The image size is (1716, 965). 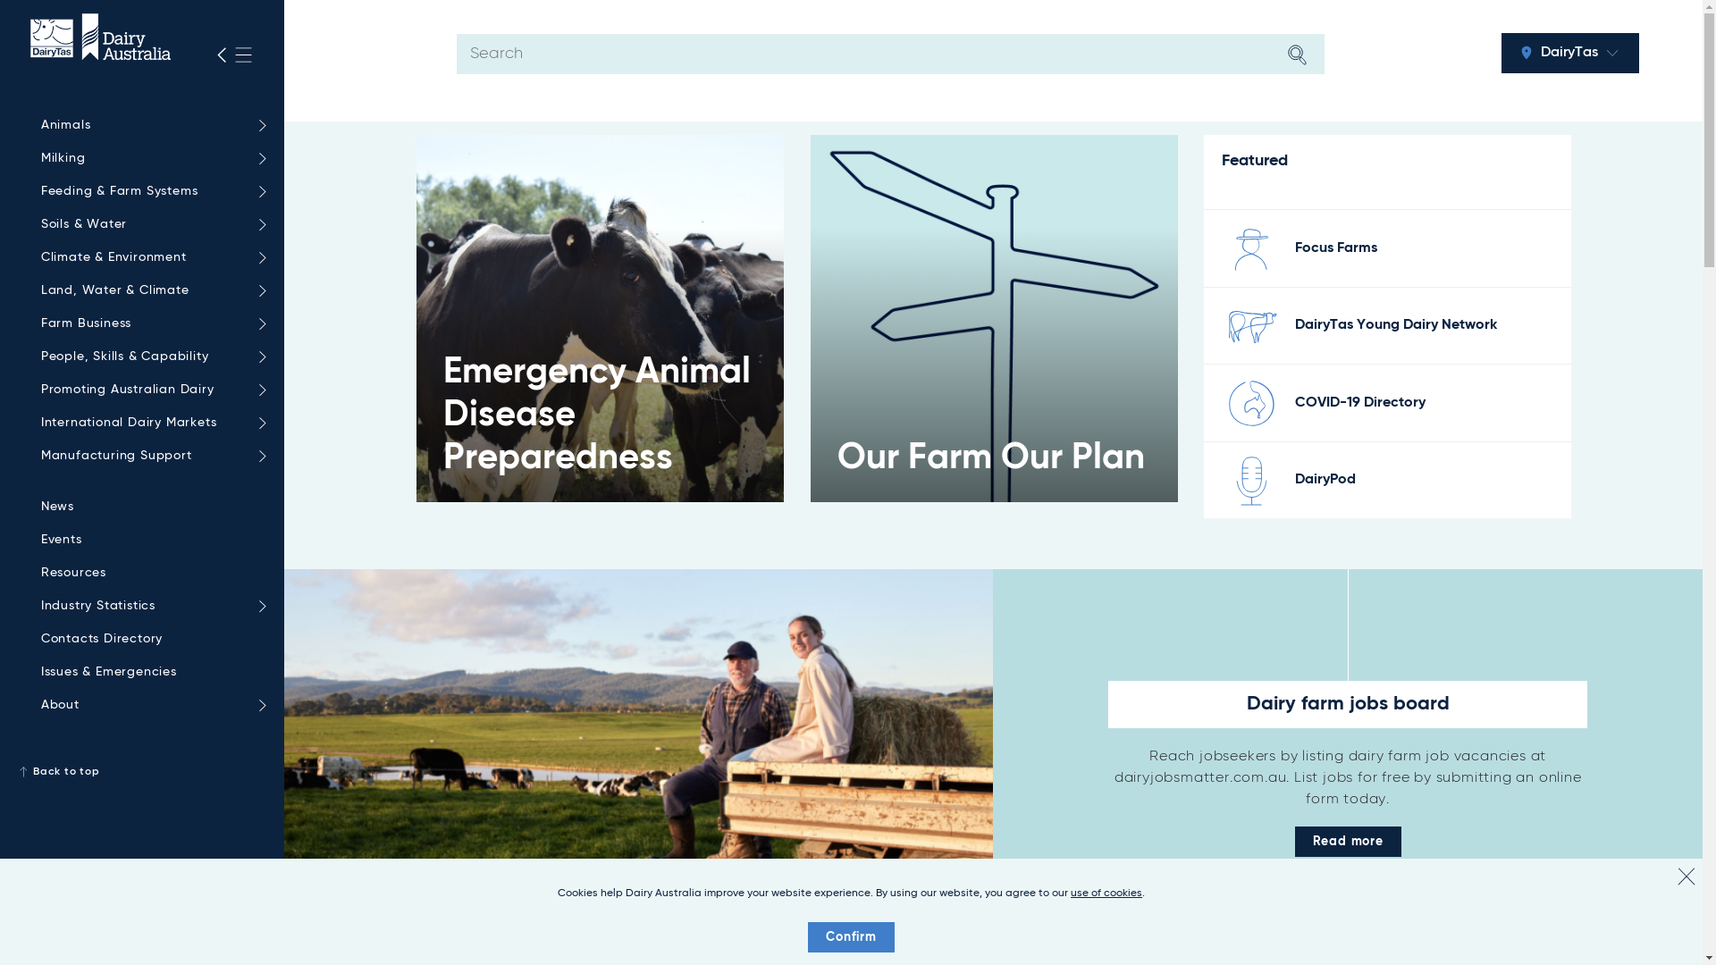 What do you see at coordinates (1325, 478) in the screenshot?
I see `'DairyPod'` at bounding box center [1325, 478].